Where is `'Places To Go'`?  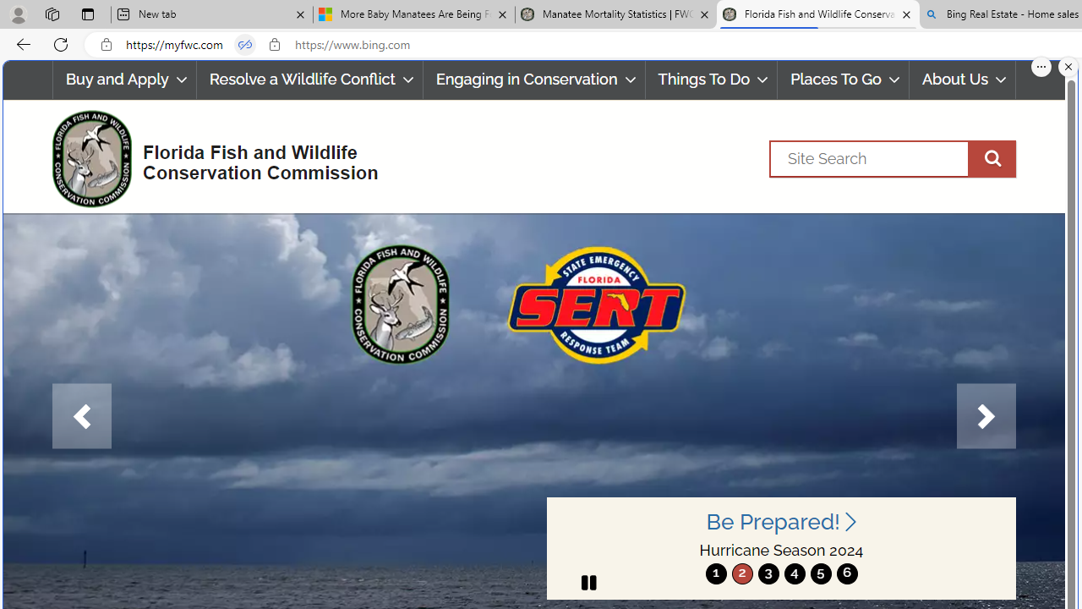
'Places To Go' is located at coordinates (843, 80).